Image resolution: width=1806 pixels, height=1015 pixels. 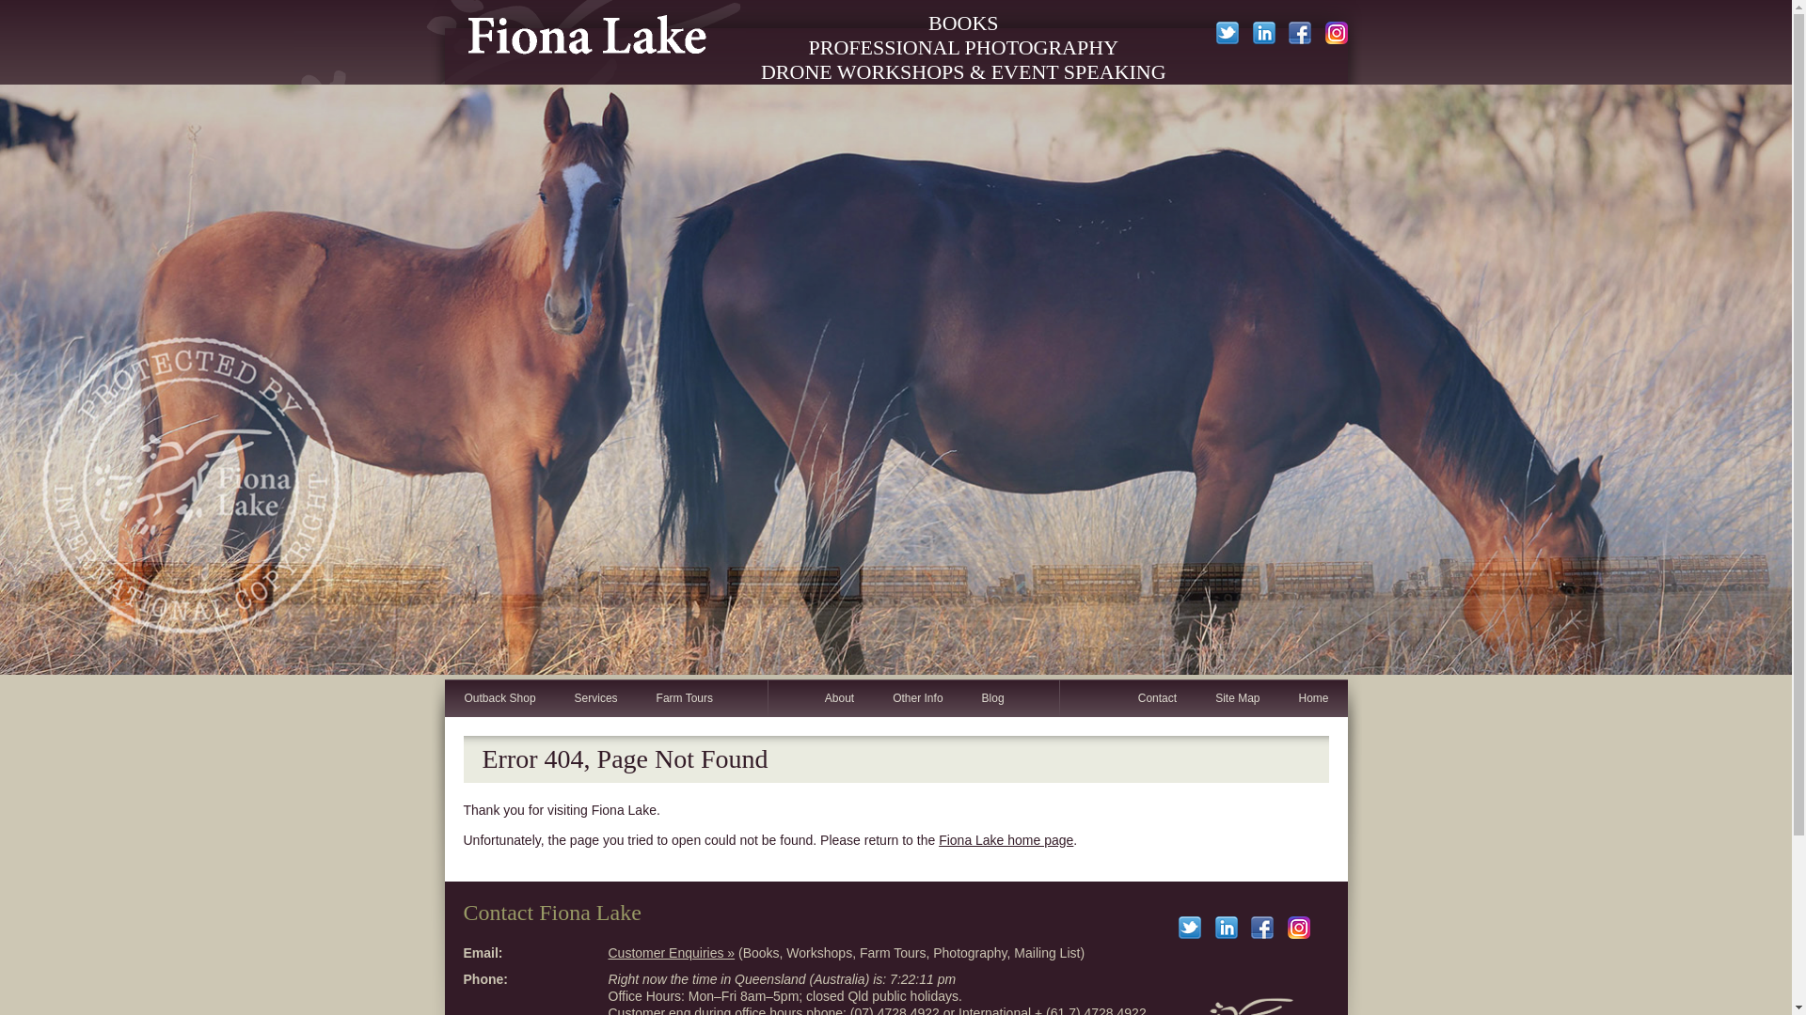 What do you see at coordinates (991, 698) in the screenshot?
I see `'Blog'` at bounding box center [991, 698].